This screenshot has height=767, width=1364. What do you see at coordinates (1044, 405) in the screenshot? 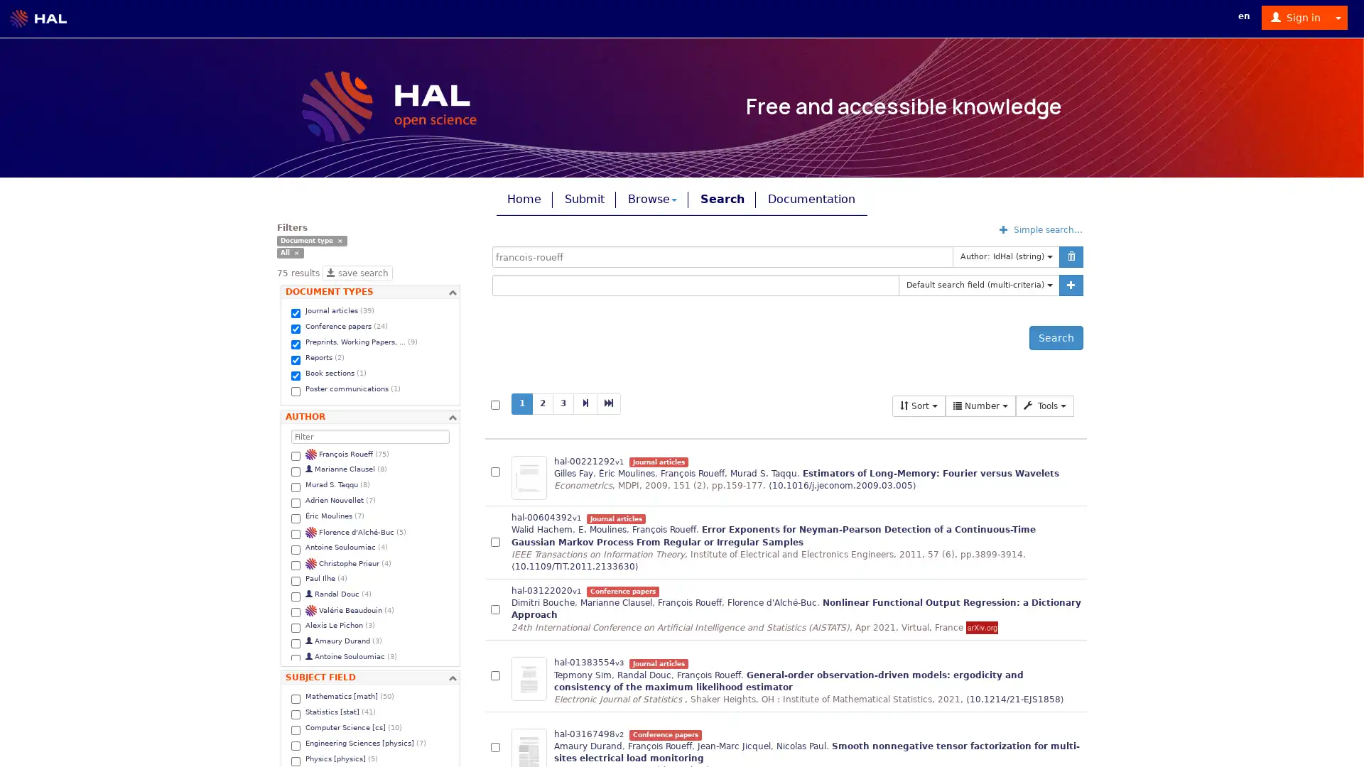
I see `Tools` at bounding box center [1044, 405].